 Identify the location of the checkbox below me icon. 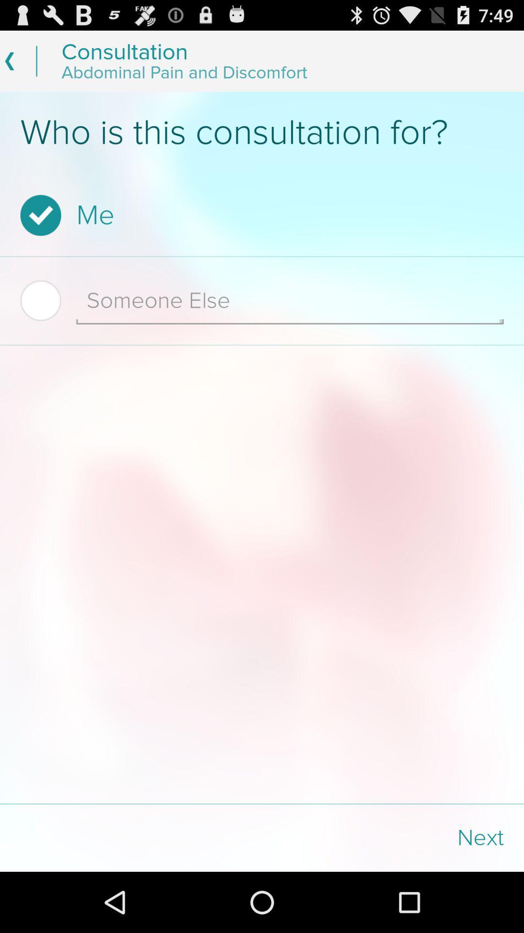
(48, 300).